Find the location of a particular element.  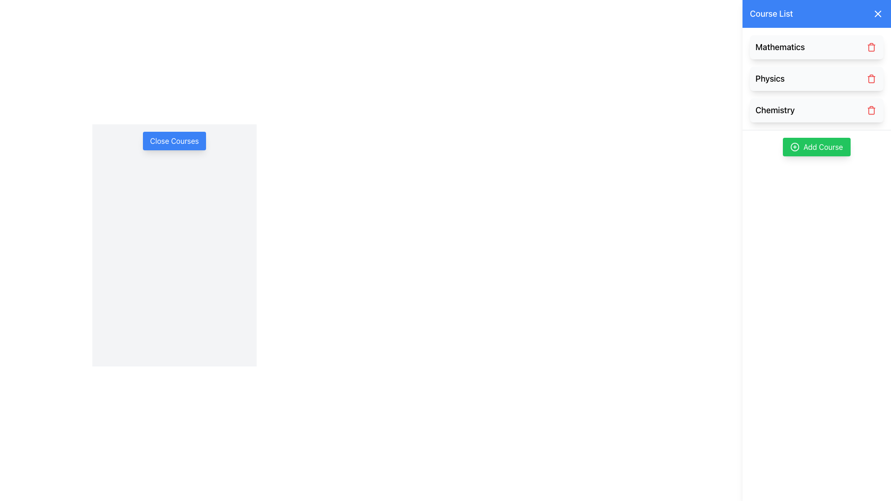

the delete button with a trash bin icon located next to the 'Physics' entry is located at coordinates (871, 78).